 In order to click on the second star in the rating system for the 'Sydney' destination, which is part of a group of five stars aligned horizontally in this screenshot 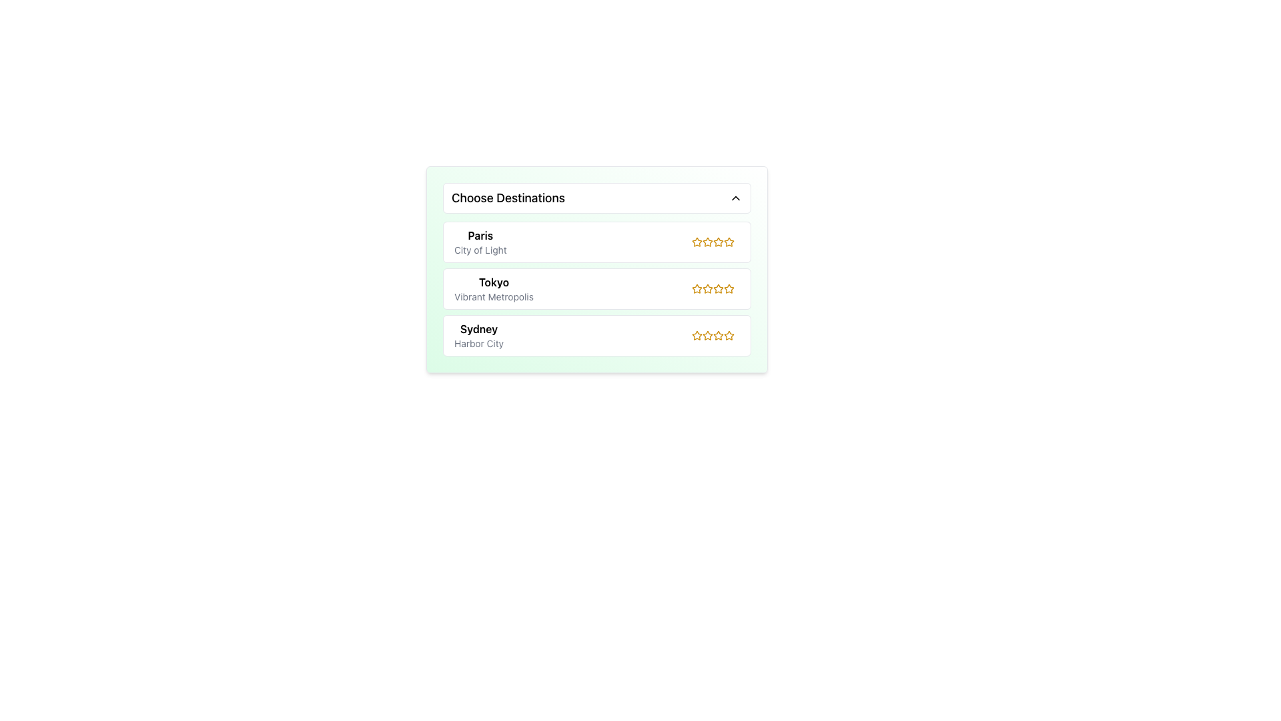, I will do `click(707, 334)`.